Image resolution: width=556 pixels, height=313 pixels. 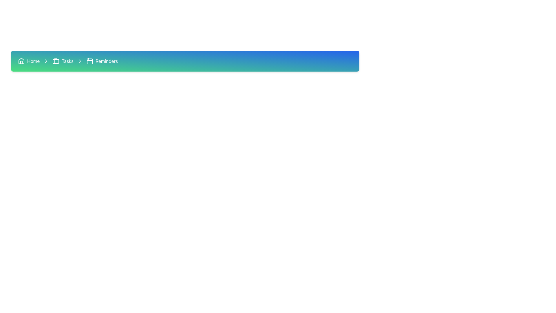 What do you see at coordinates (28, 61) in the screenshot?
I see `the first button in the horizontal navigation menu` at bounding box center [28, 61].